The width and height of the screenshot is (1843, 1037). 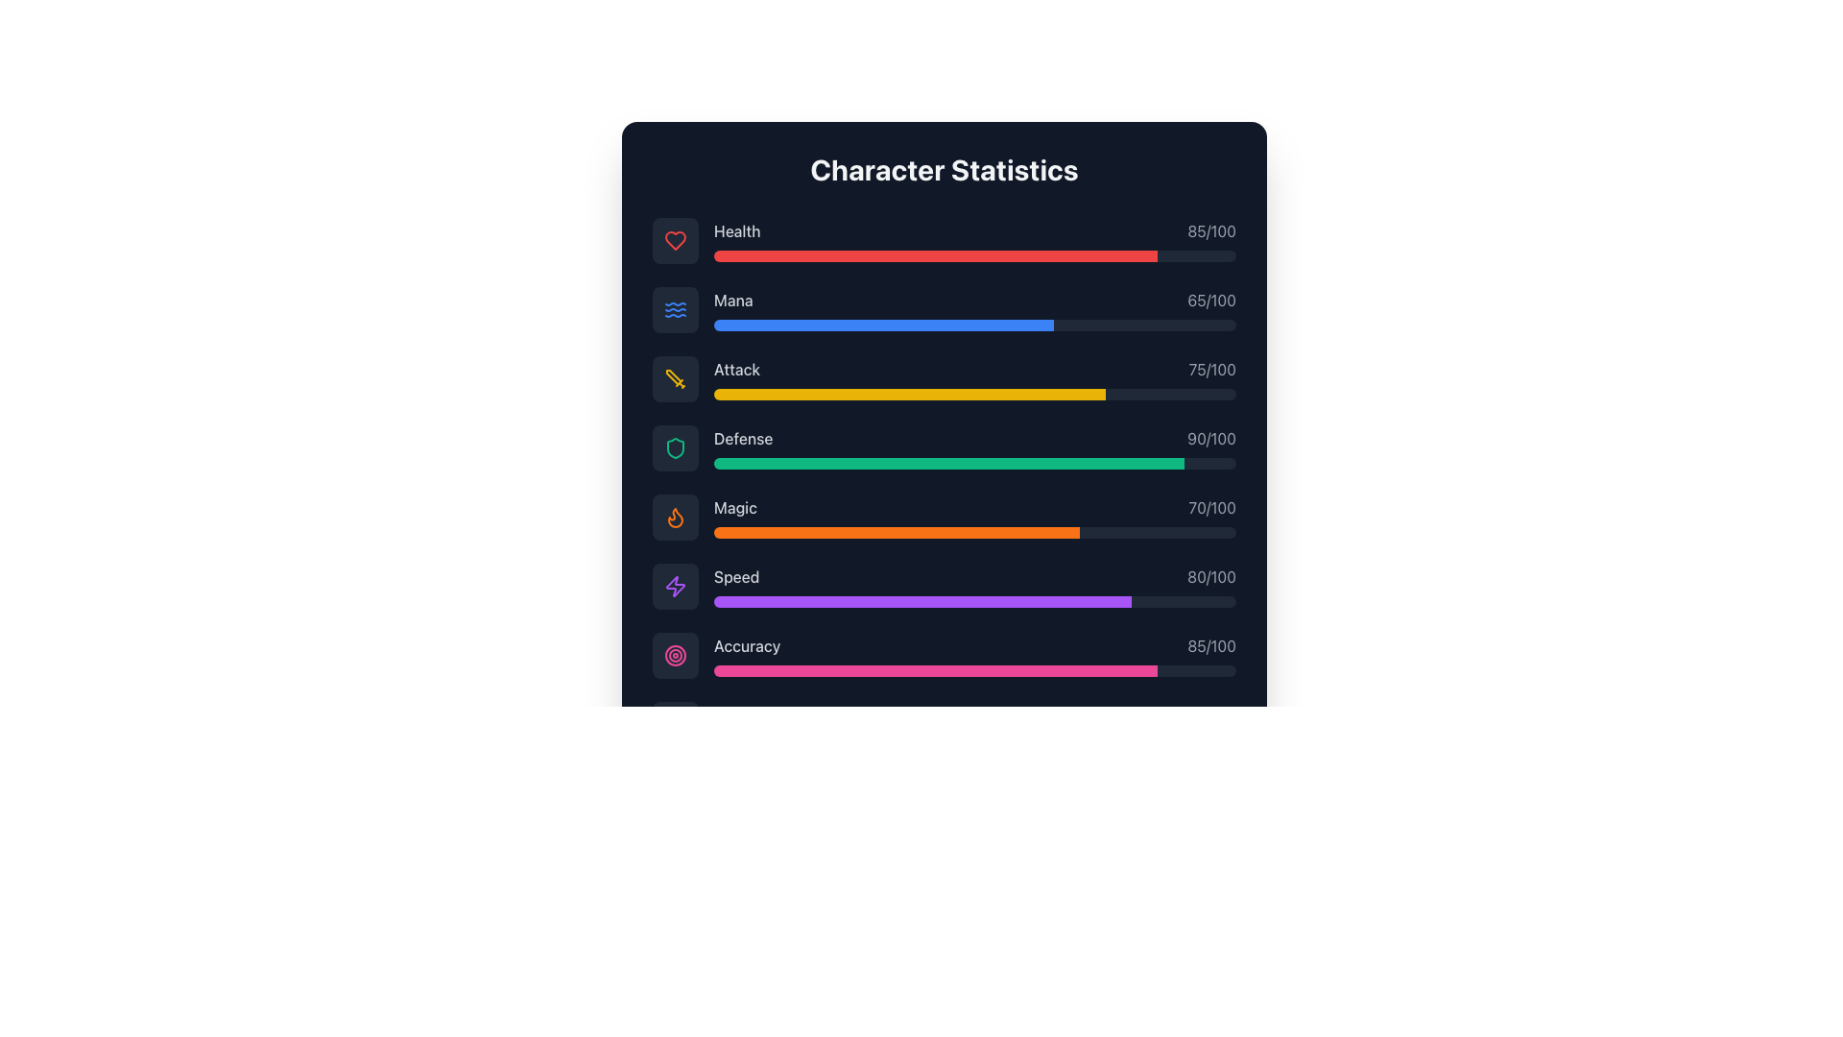 I want to click on the mana statistic icon, which is the second item in the vertical stack of character statistics icons, positioned below the heart-shaped health icon, so click(x=676, y=309).